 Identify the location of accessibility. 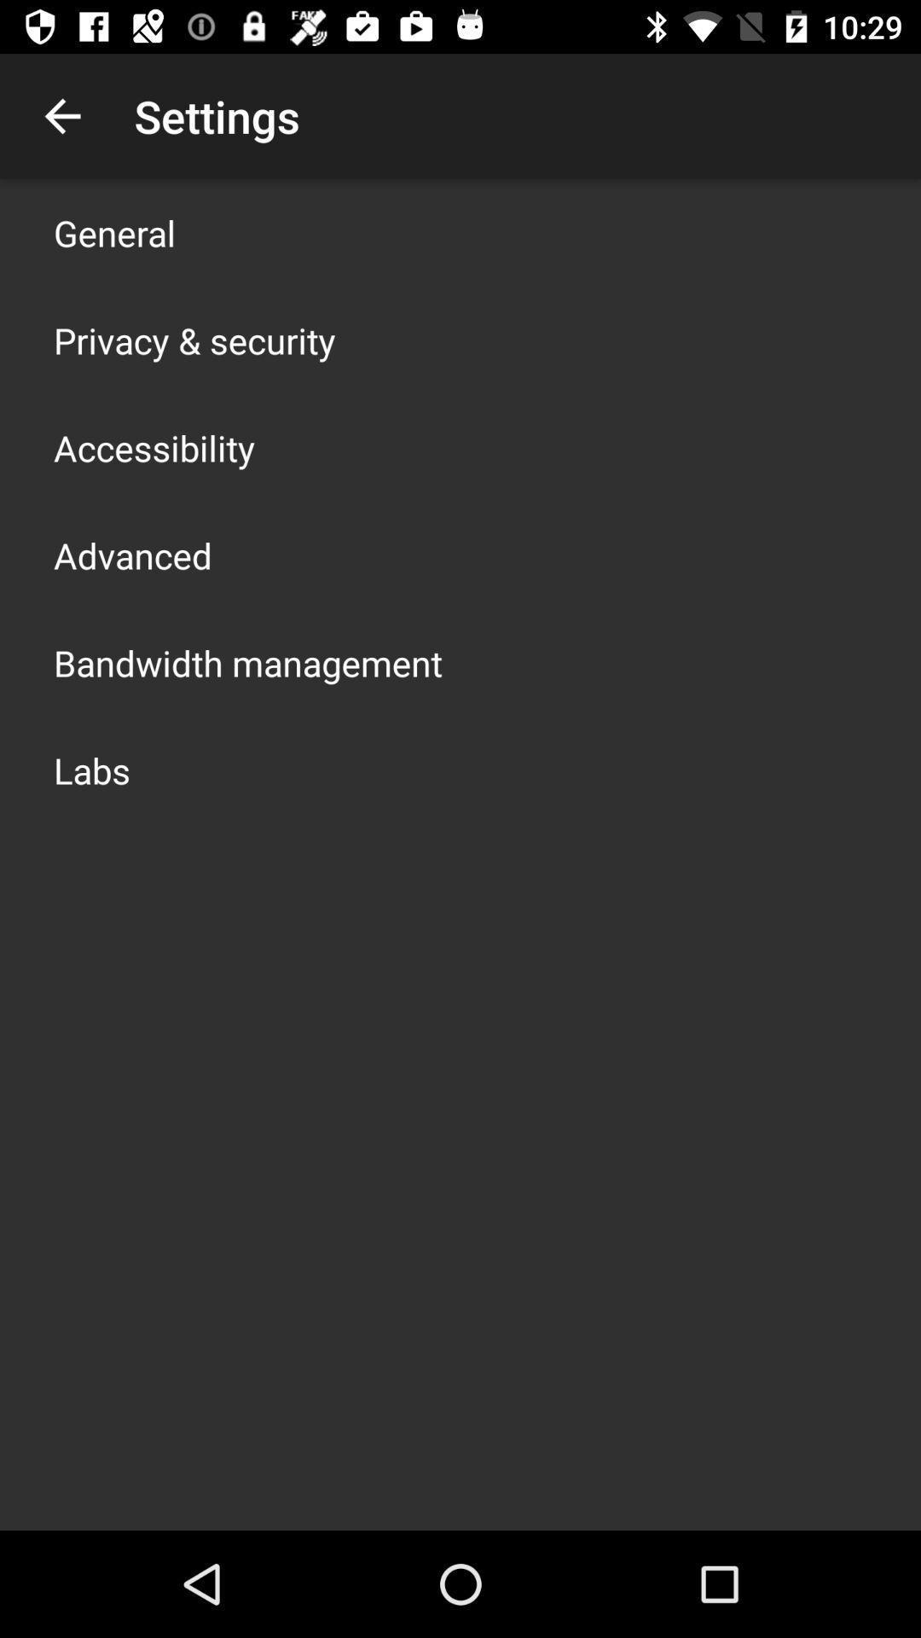
(154, 447).